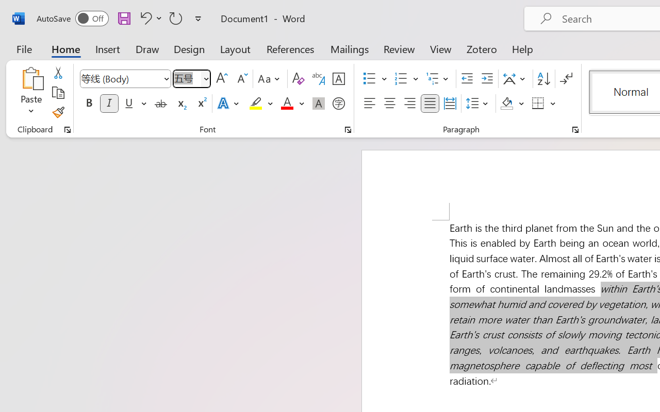  Describe the element at coordinates (389, 104) in the screenshot. I see `'Center'` at that location.